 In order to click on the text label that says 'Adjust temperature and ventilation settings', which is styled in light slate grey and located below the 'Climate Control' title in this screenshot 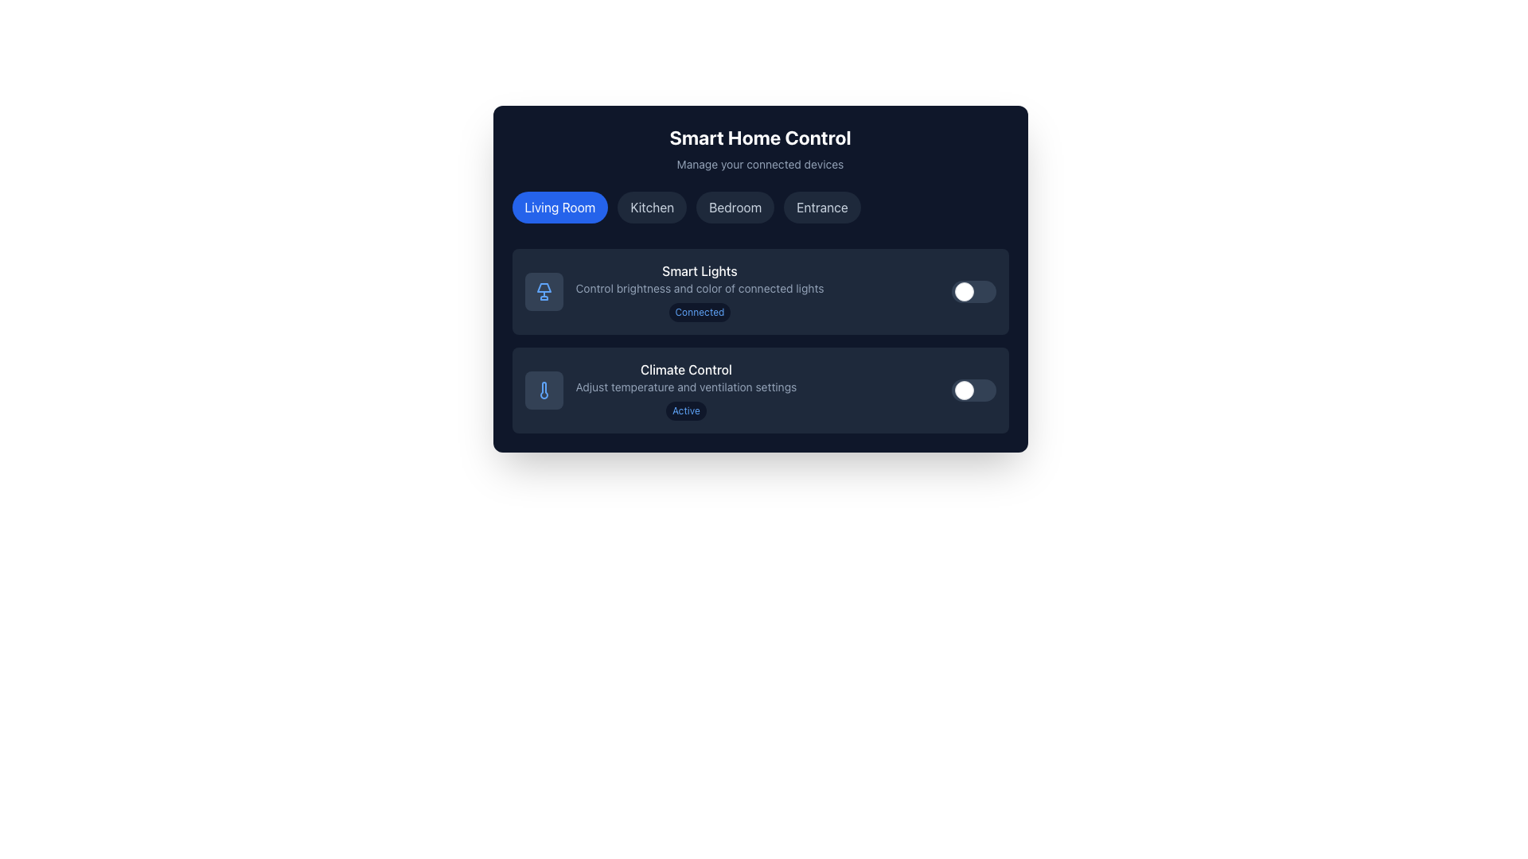, I will do `click(686, 387)`.